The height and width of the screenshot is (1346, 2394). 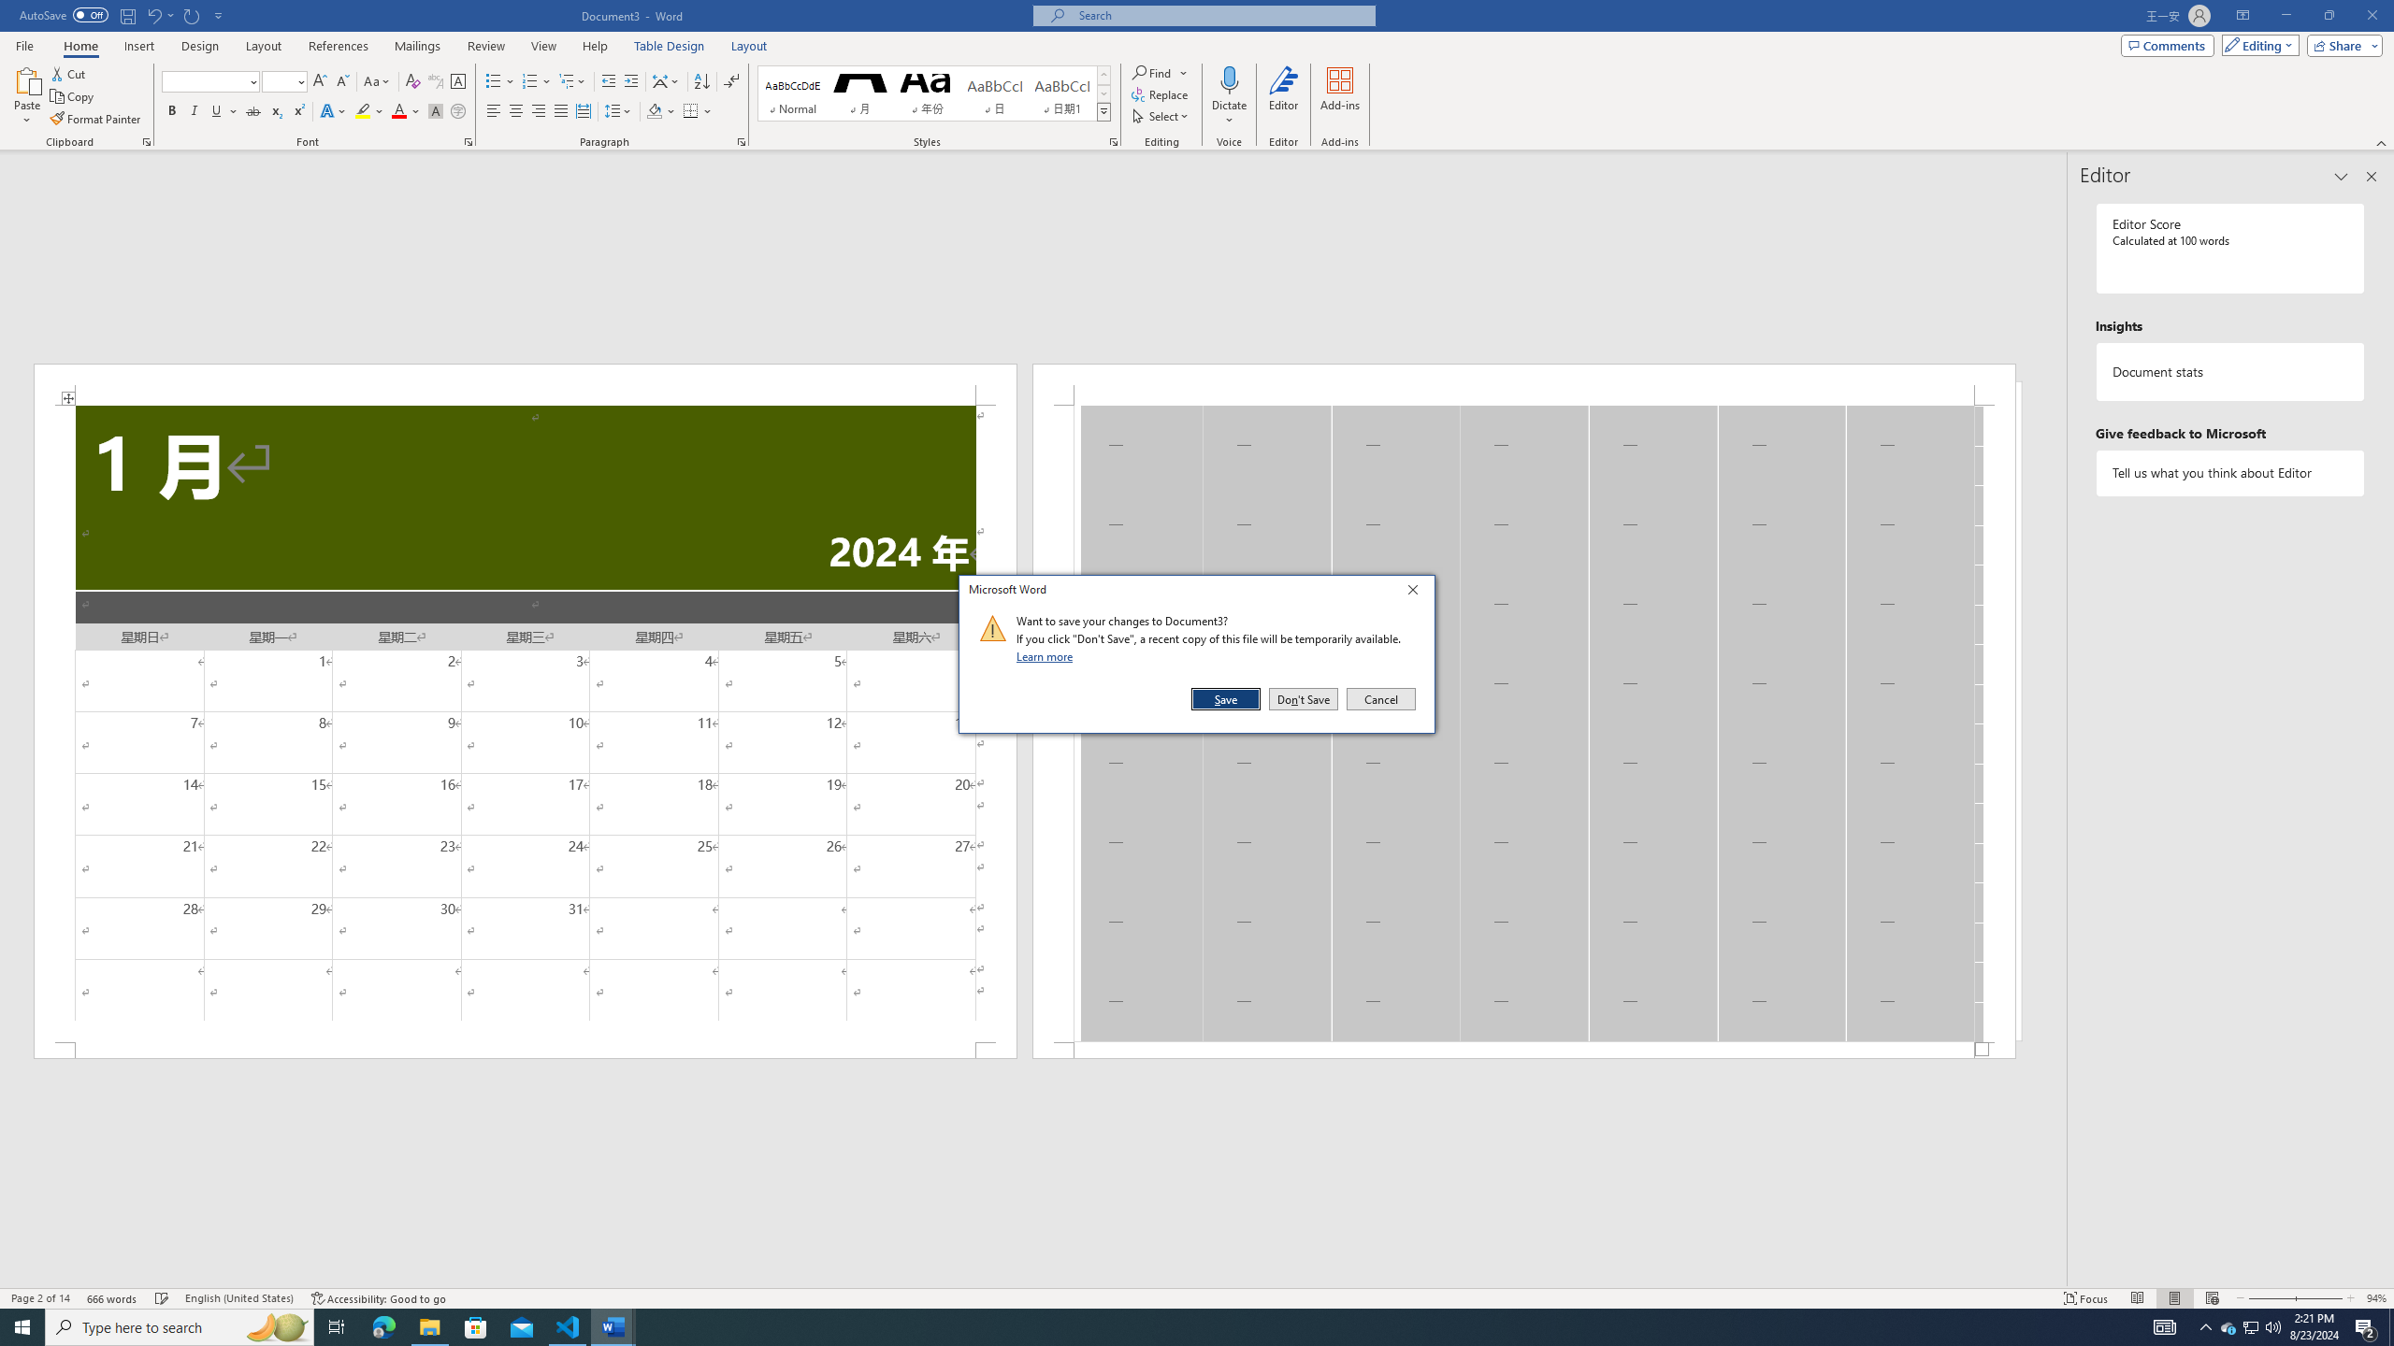 What do you see at coordinates (2318, 1298) in the screenshot?
I see `'Zoom In'` at bounding box center [2318, 1298].